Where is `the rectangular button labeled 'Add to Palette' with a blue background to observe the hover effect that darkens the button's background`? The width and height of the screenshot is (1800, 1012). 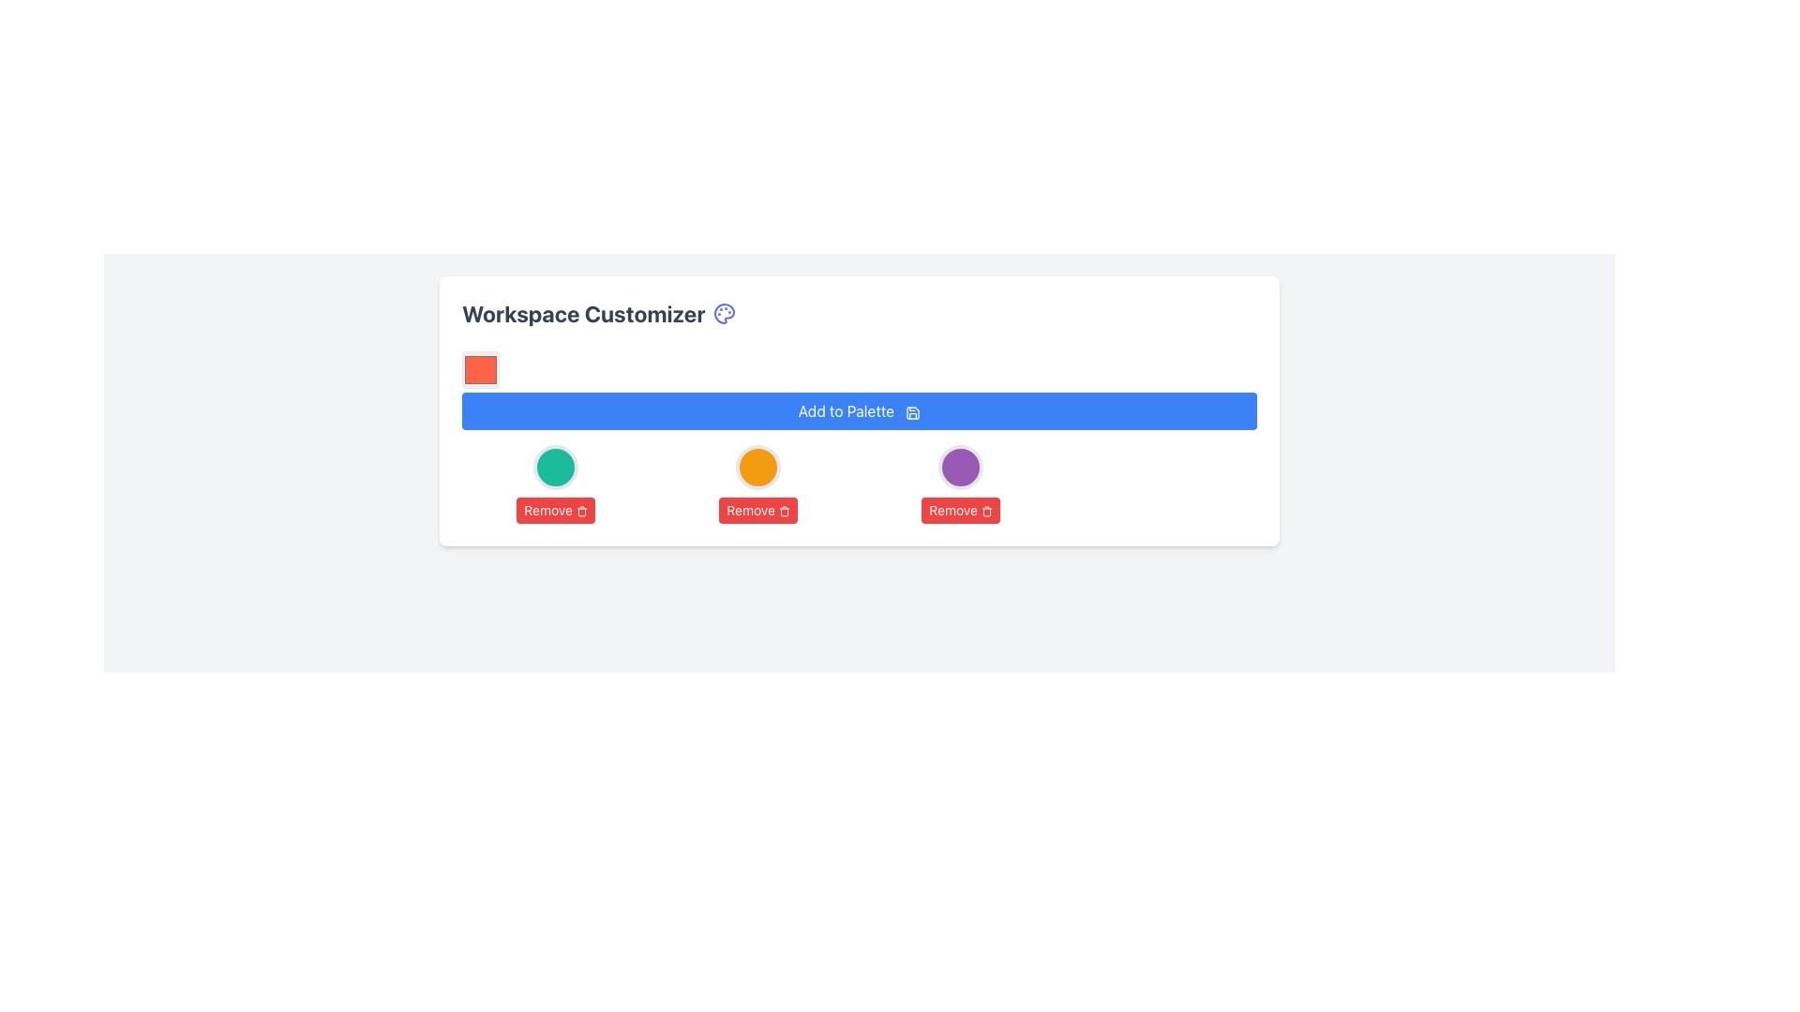 the rectangular button labeled 'Add to Palette' with a blue background to observe the hover effect that darkens the button's background is located at coordinates (858, 410).